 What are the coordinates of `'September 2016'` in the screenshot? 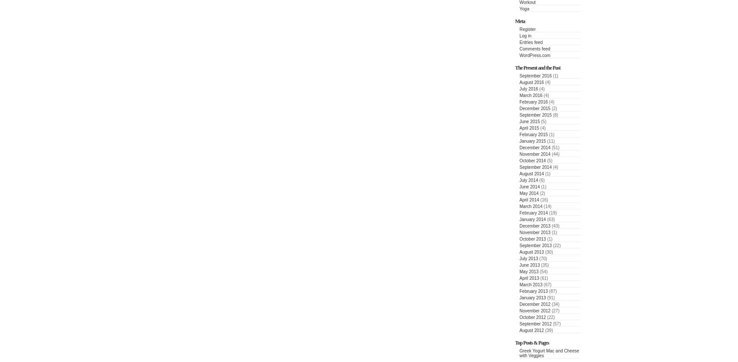 It's located at (535, 75).